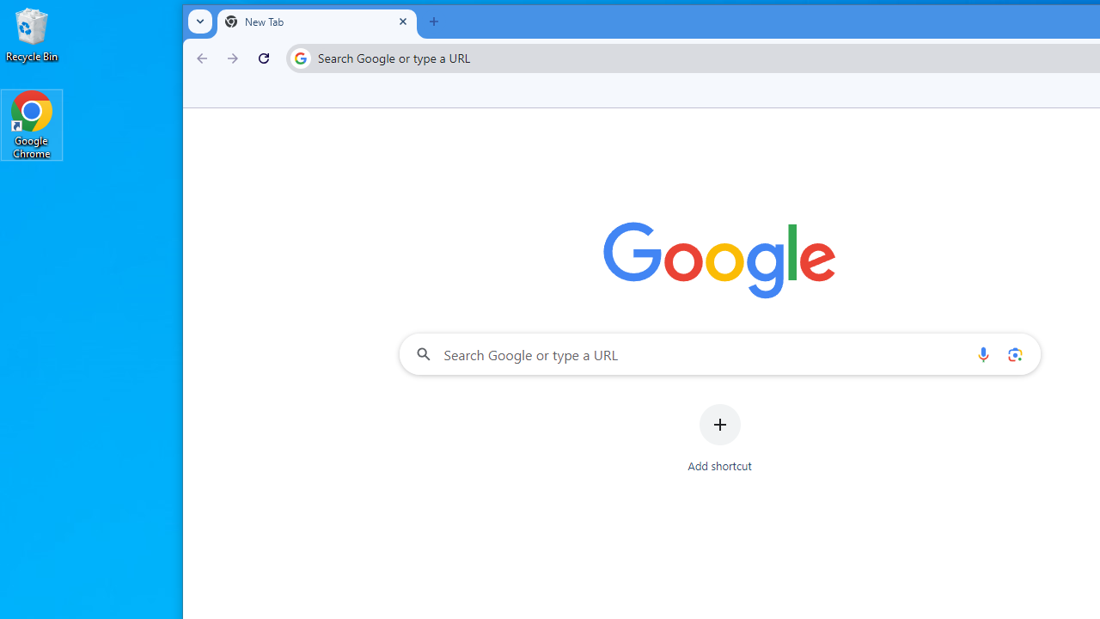 The image size is (1100, 619). What do you see at coordinates (32, 34) in the screenshot?
I see `'Recycle Bin'` at bounding box center [32, 34].